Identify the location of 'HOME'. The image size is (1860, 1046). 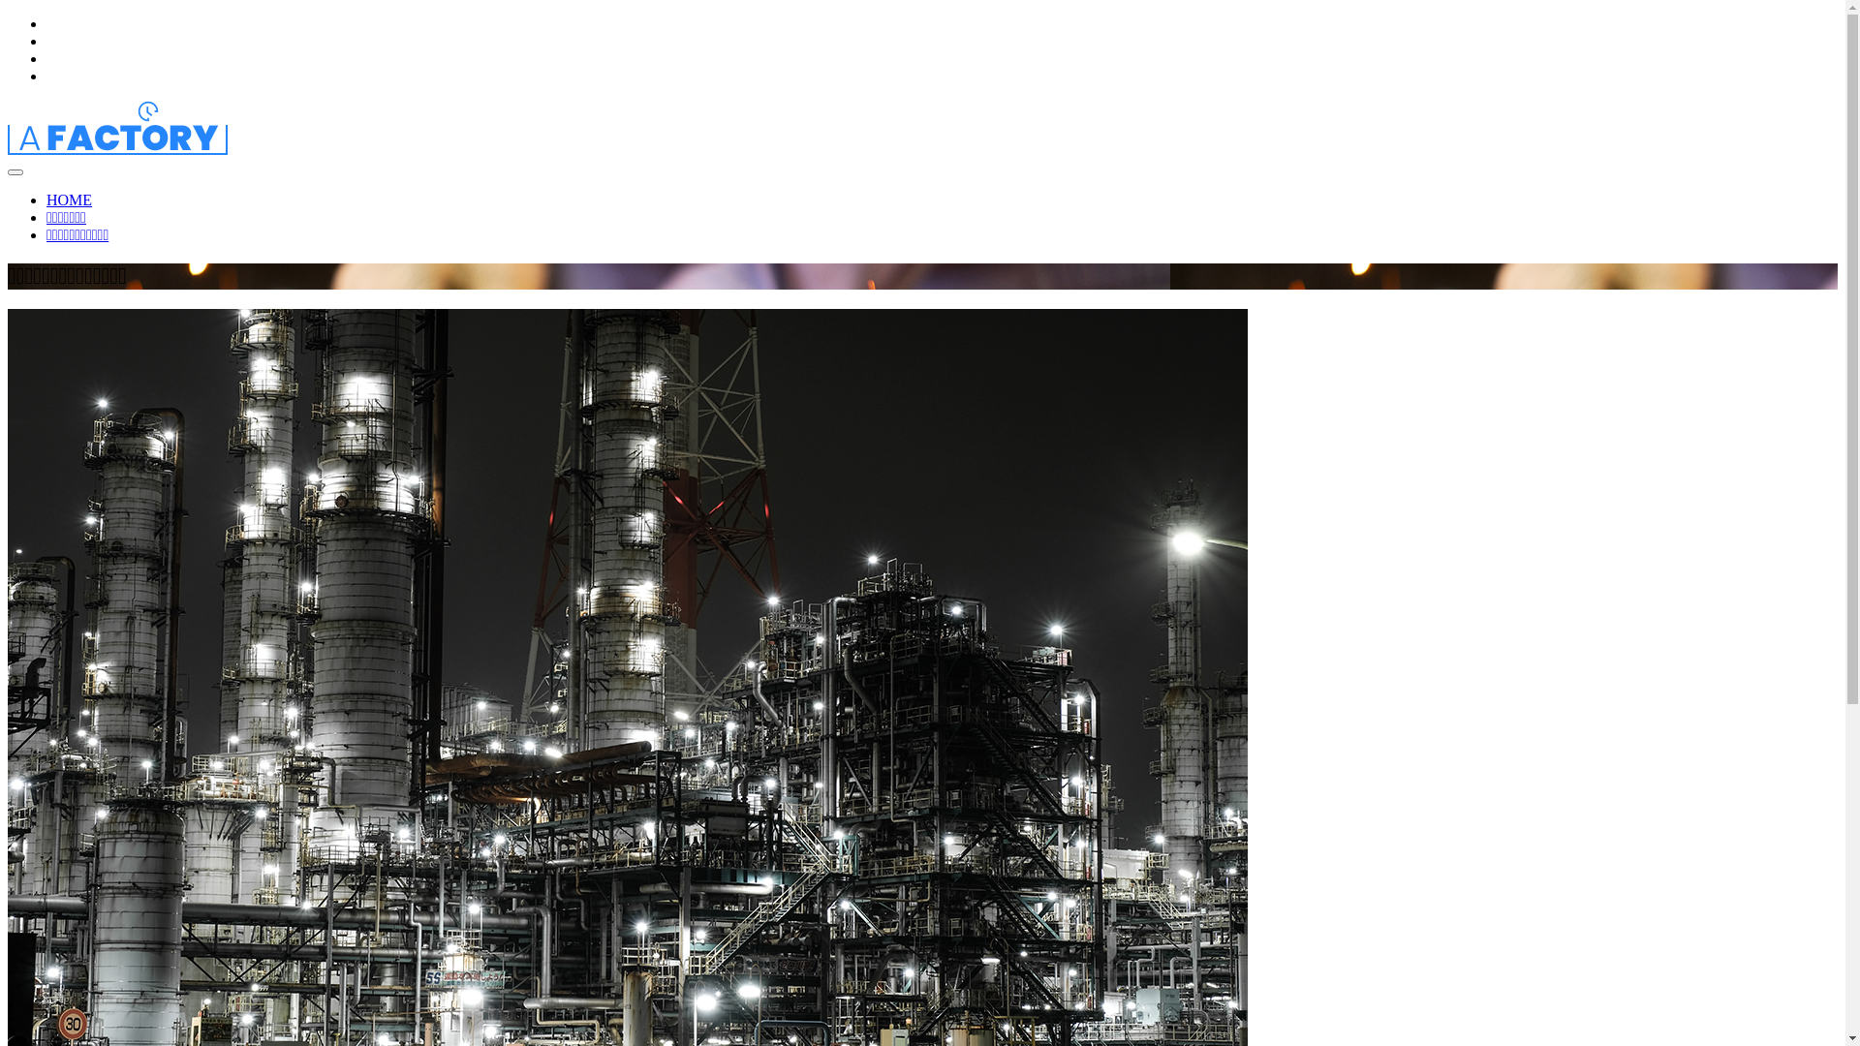
(46, 200).